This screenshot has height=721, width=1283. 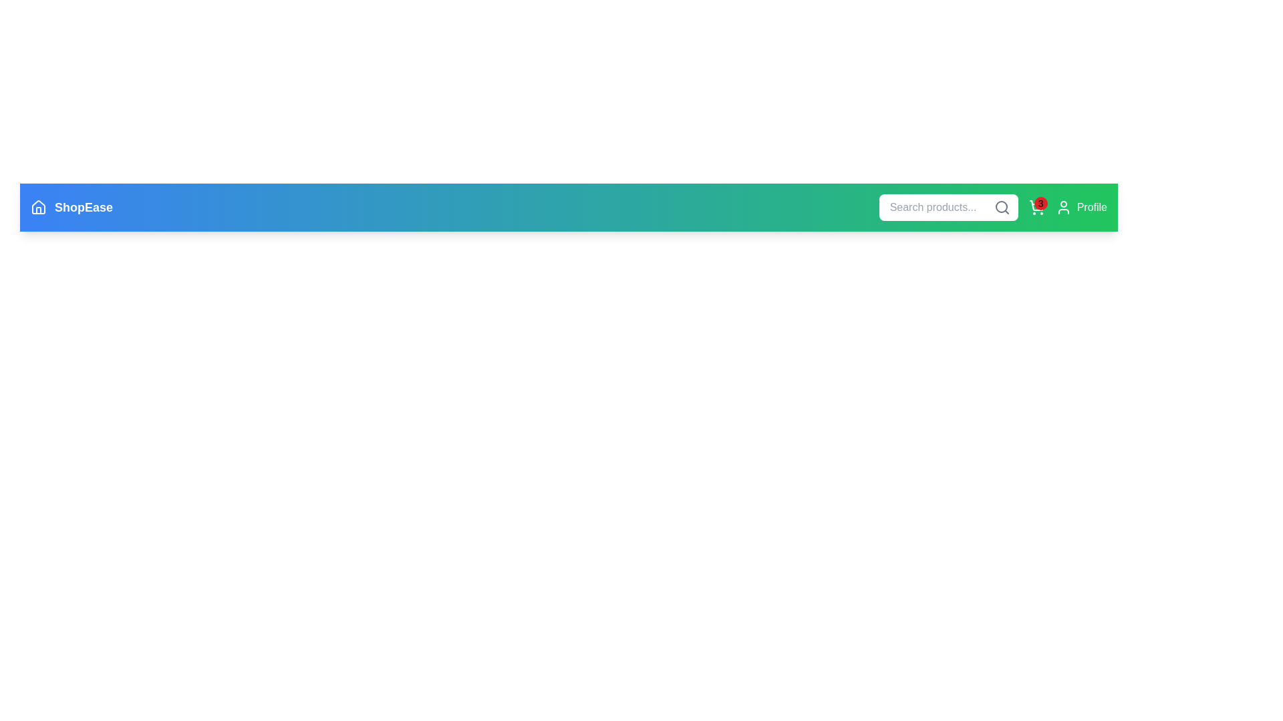 I want to click on the profile icon to open the user profile, so click(x=1081, y=208).